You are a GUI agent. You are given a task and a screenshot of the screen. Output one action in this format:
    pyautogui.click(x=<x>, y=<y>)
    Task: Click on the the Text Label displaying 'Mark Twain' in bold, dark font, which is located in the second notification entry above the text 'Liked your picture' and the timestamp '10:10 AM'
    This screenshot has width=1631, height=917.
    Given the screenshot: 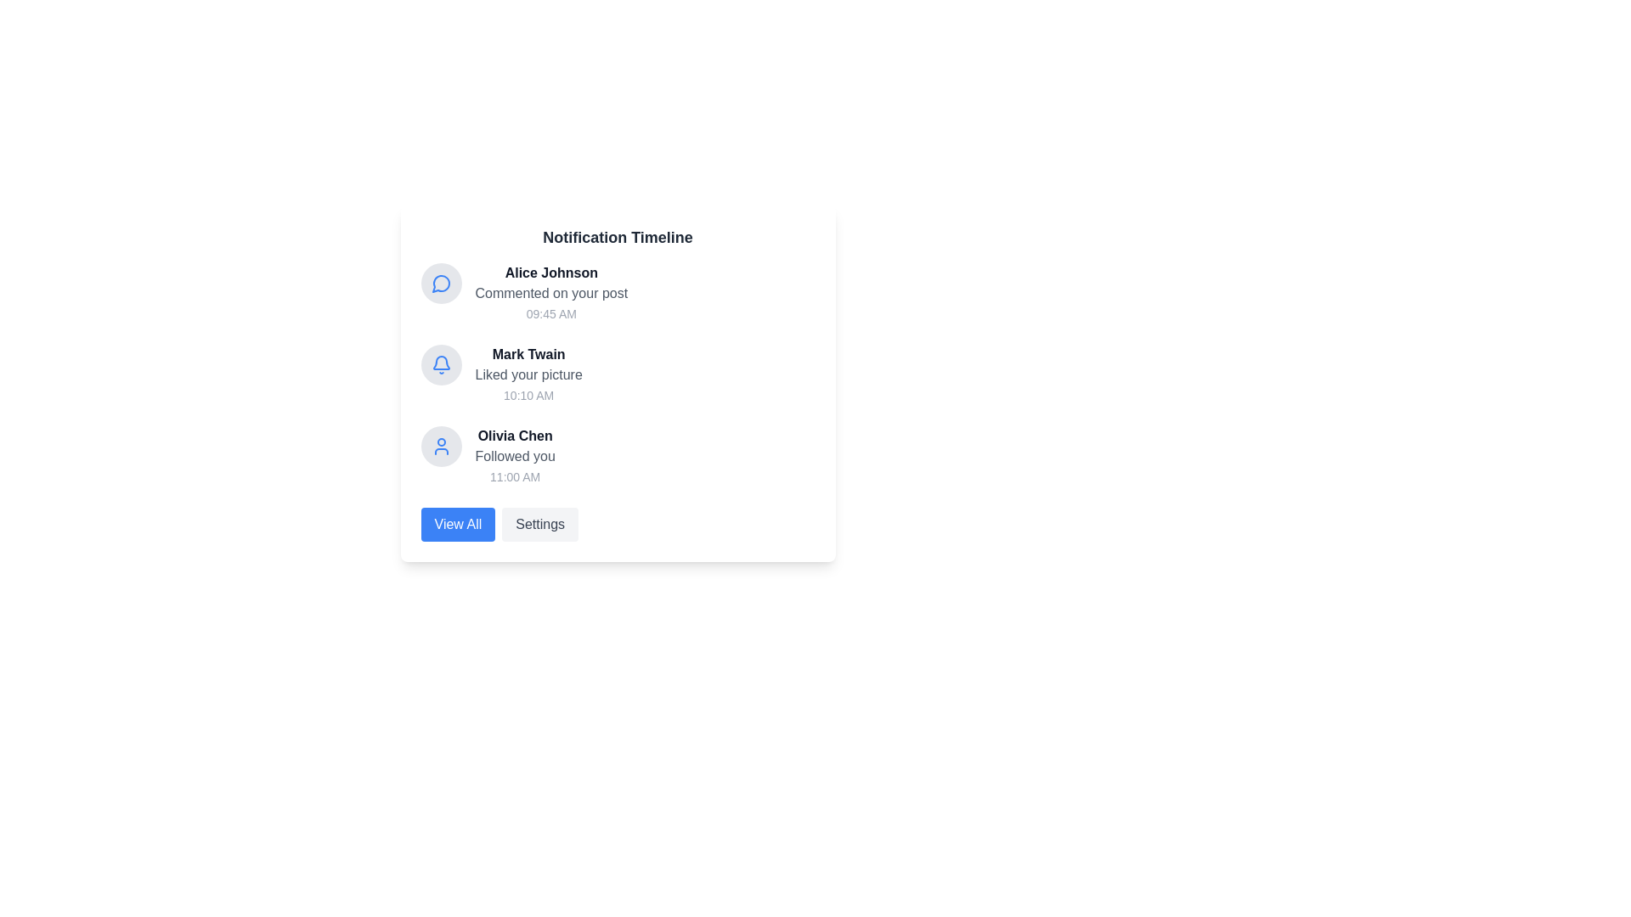 What is the action you would take?
    pyautogui.click(x=528, y=353)
    